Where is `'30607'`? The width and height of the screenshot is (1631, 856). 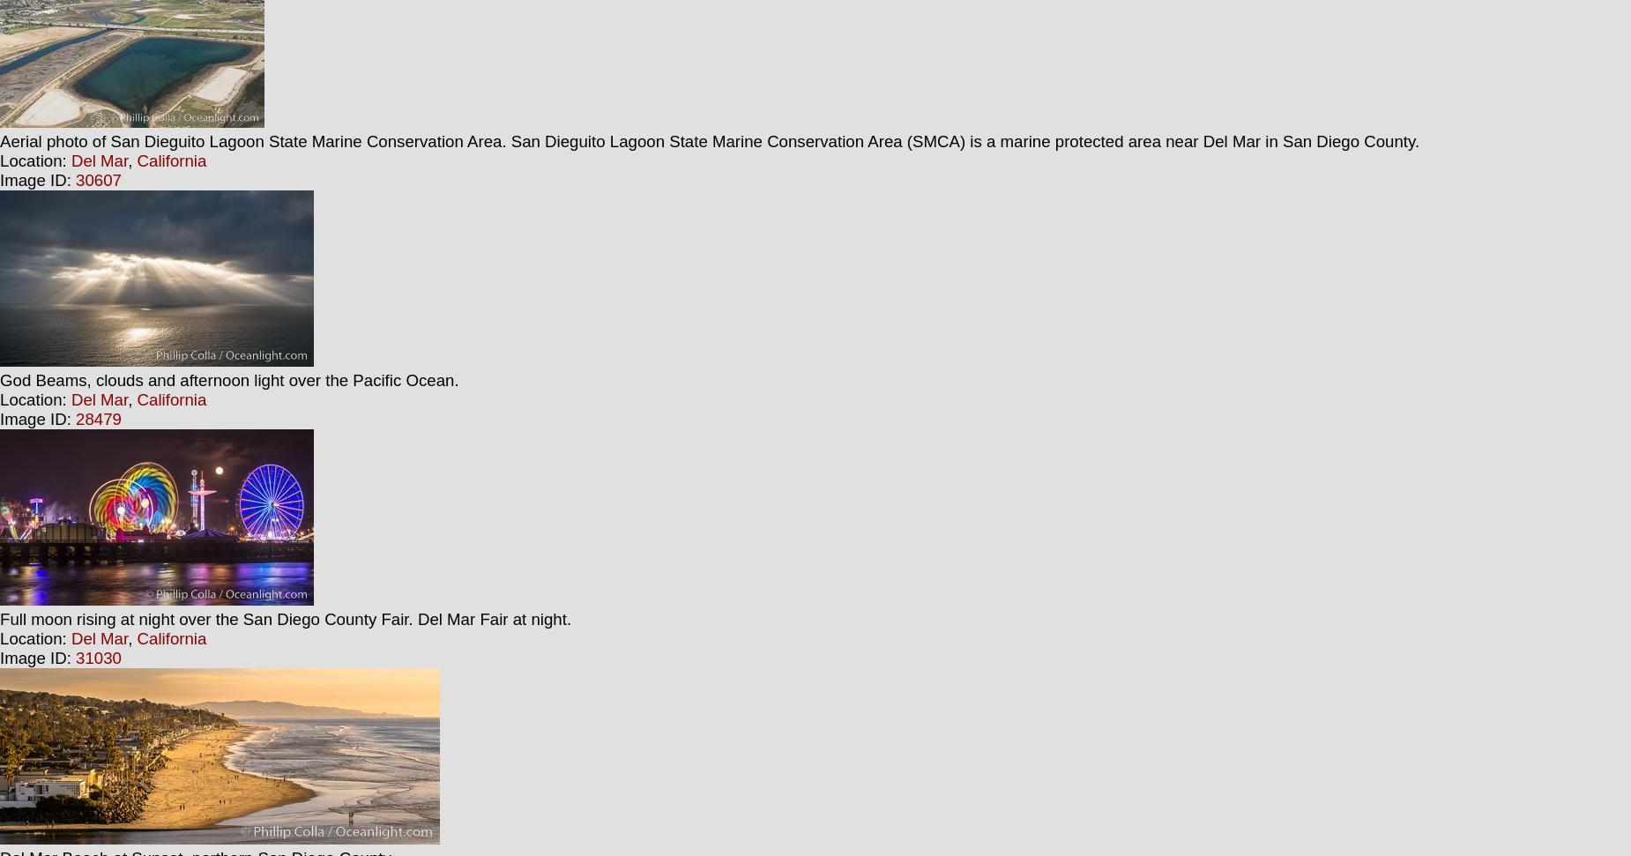 '30607' is located at coordinates (75, 179).